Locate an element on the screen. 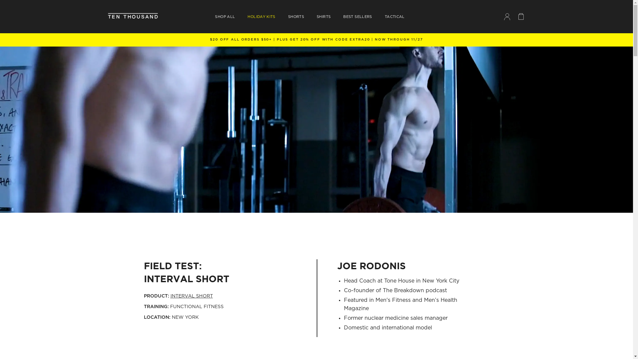 Image resolution: width=638 pixels, height=359 pixels. 'HOLIDAY KITS' is located at coordinates (241, 16).